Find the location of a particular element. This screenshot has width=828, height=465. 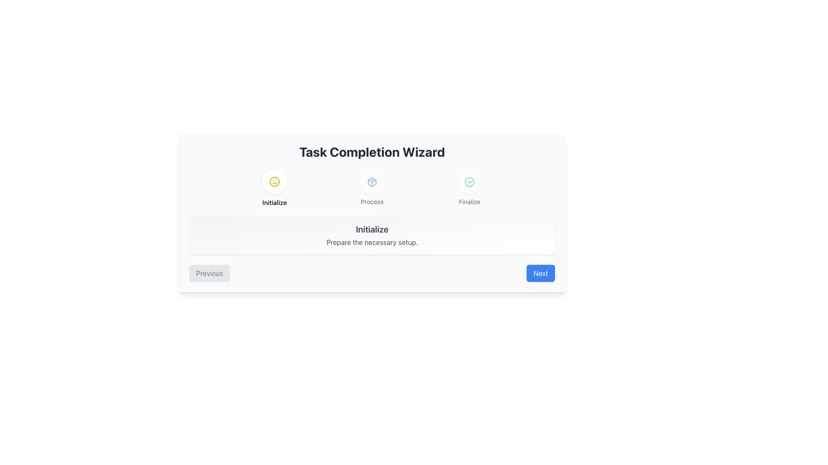

text label displaying 'Initialize', which is positioned below a circular icon with a smiling face as part of a horizontal progress indicator is located at coordinates (274, 202).